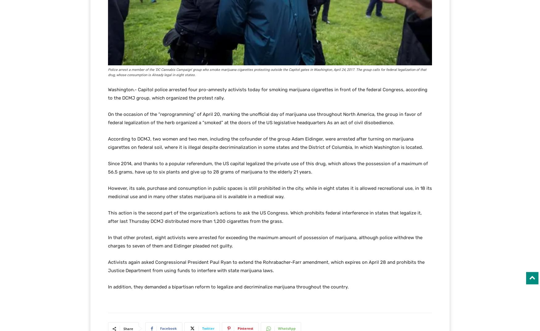 The width and height of the screenshot is (540, 331). Describe the element at coordinates (267, 72) in the screenshot. I see `'Police arrest a member of the 'DC Cannabis Campaign' group who smoke marijuana cigarettes protesting outside the Capitol gates in Washington, April 24, 2017. The group calls for federal legalization of that drug, whose consumption is Already legal in eight states.'` at that location.